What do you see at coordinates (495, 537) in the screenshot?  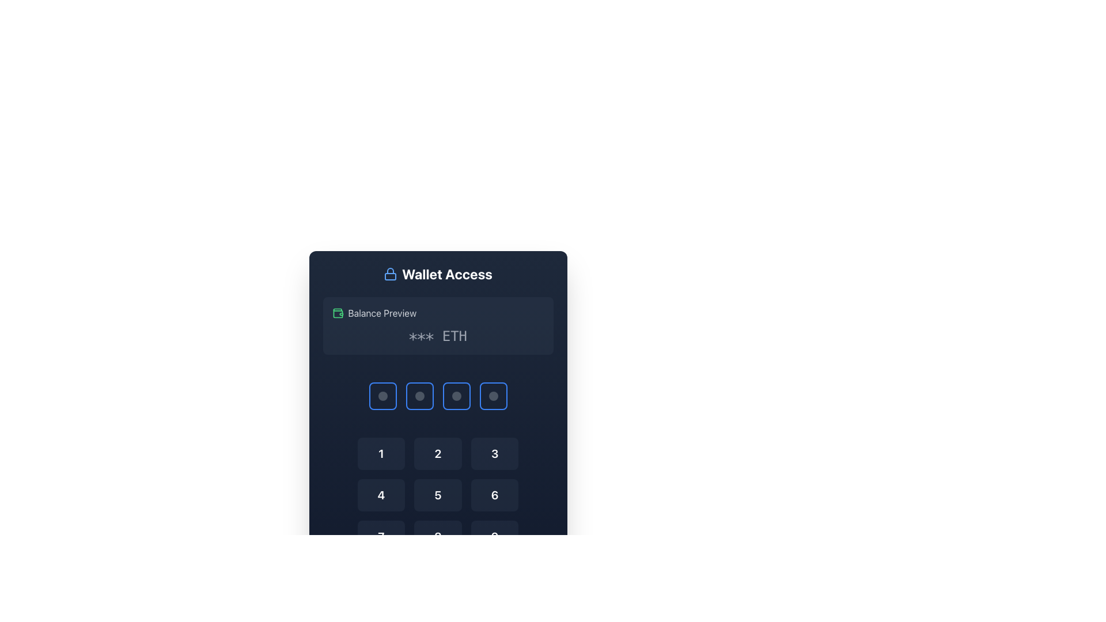 I see `the button displaying the digit '9' in a numeric keypad interface to change its visual state` at bounding box center [495, 537].